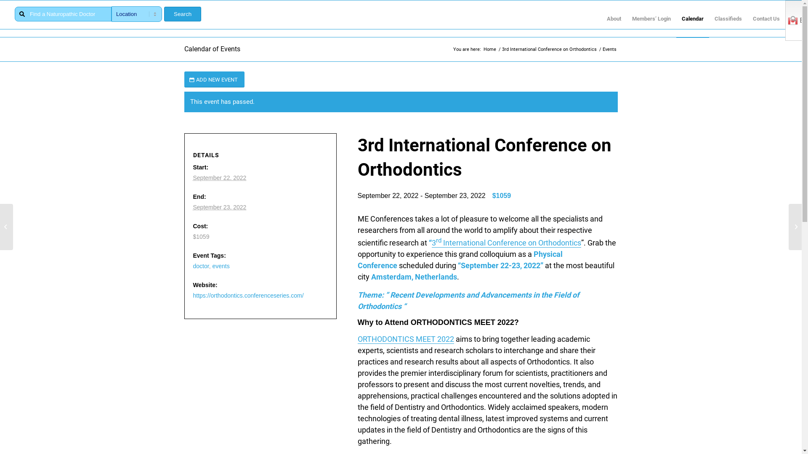  What do you see at coordinates (200, 266) in the screenshot?
I see `'doctor'` at bounding box center [200, 266].